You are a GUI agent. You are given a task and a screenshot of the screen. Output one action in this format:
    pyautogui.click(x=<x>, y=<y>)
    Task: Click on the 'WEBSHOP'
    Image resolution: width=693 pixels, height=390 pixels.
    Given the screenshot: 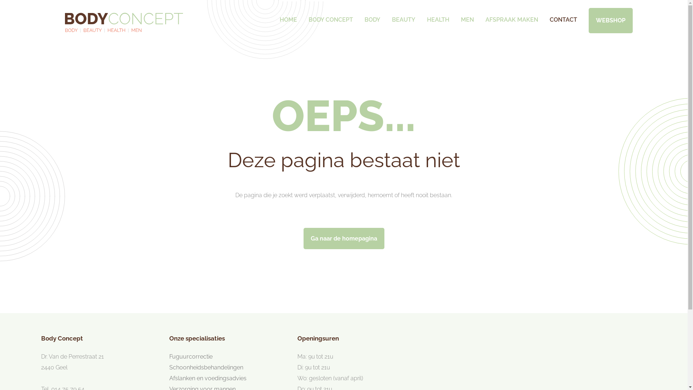 What is the action you would take?
    pyautogui.click(x=610, y=20)
    